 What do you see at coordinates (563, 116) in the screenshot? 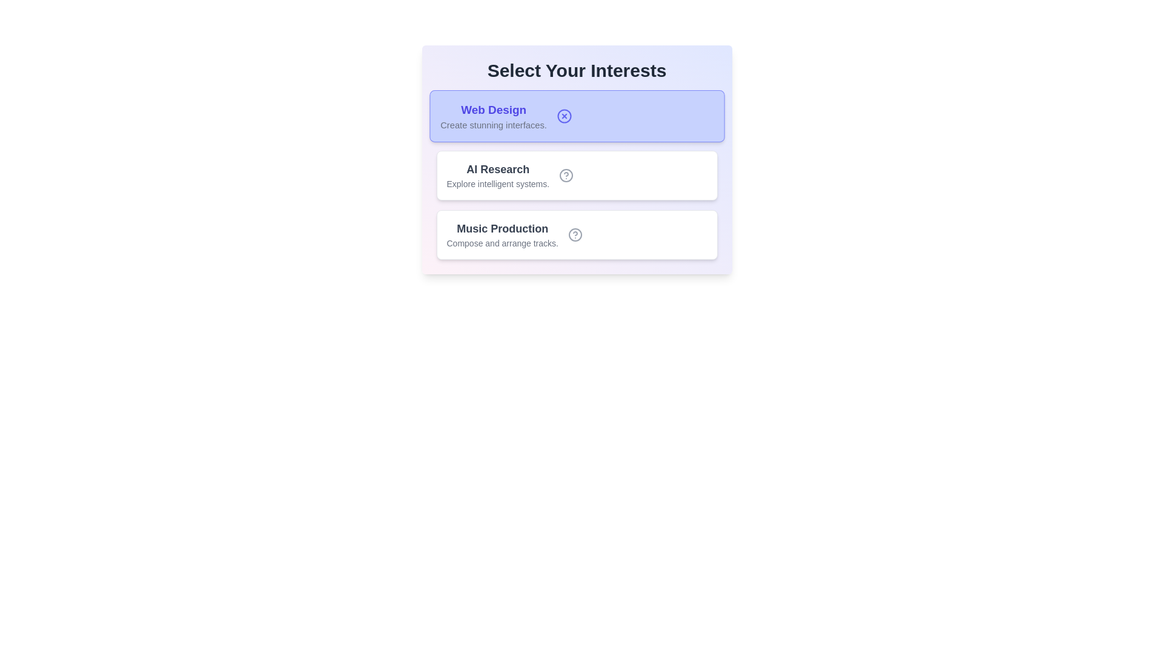
I see `the icon representing the active state of the 'Web Design' tag` at bounding box center [563, 116].